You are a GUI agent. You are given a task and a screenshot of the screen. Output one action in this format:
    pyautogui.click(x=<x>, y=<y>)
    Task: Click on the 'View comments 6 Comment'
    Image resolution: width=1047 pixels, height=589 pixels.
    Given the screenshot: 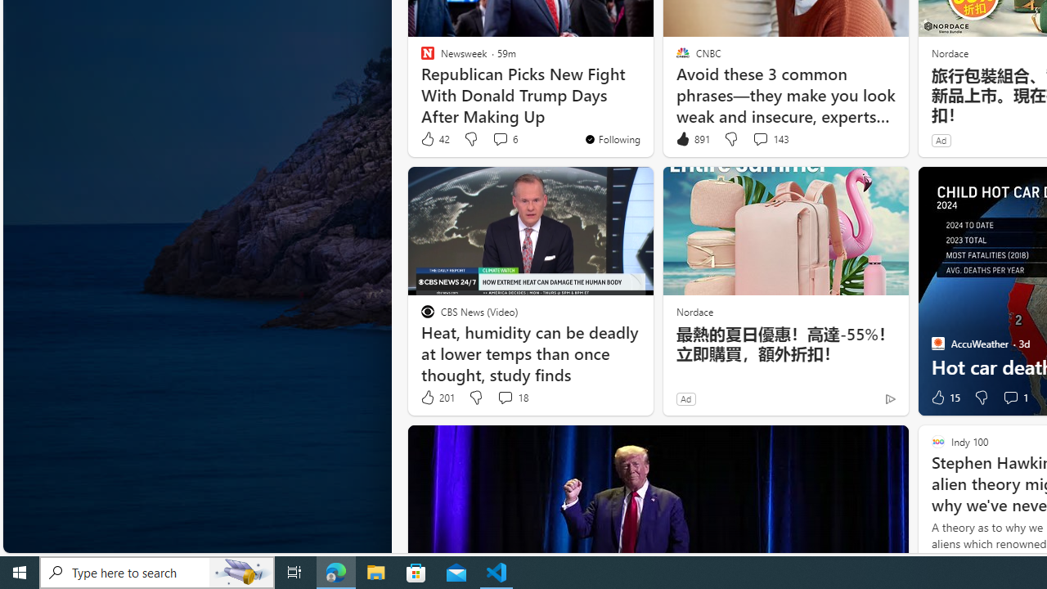 What is the action you would take?
    pyautogui.click(x=499, y=137)
    